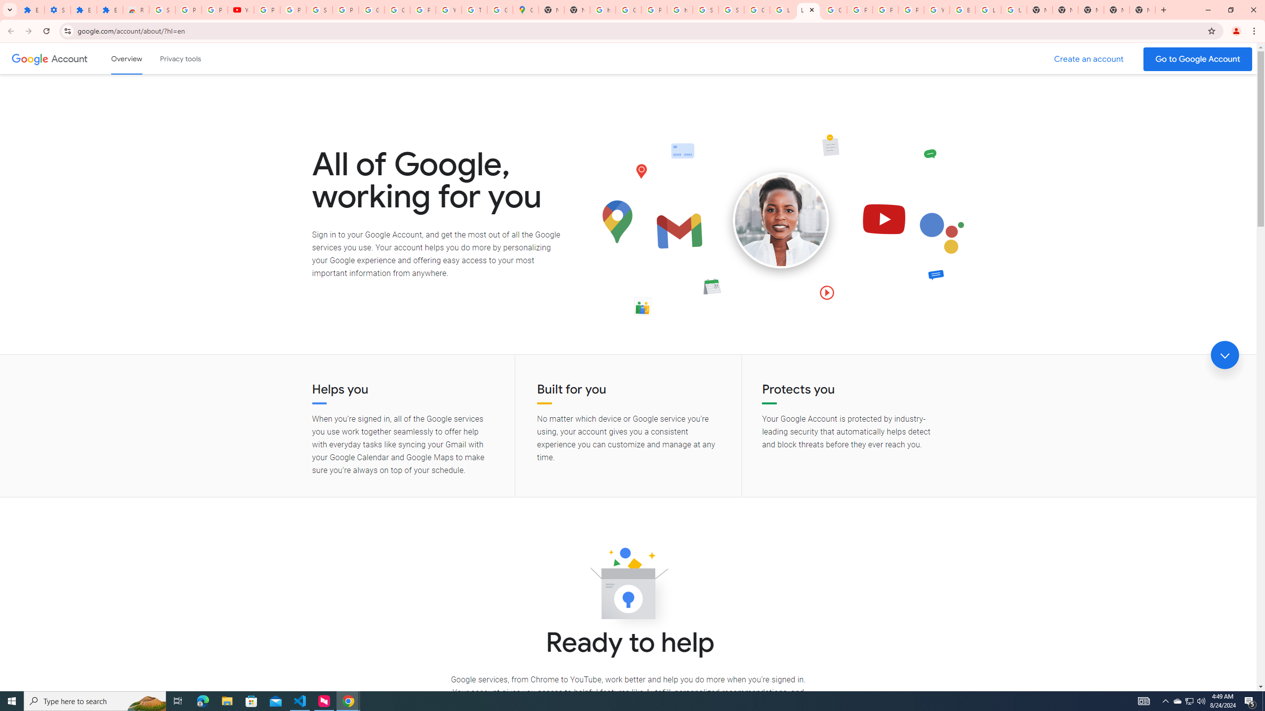  I want to click on 'Privacy Help Center - Policies Help', so click(859, 9).